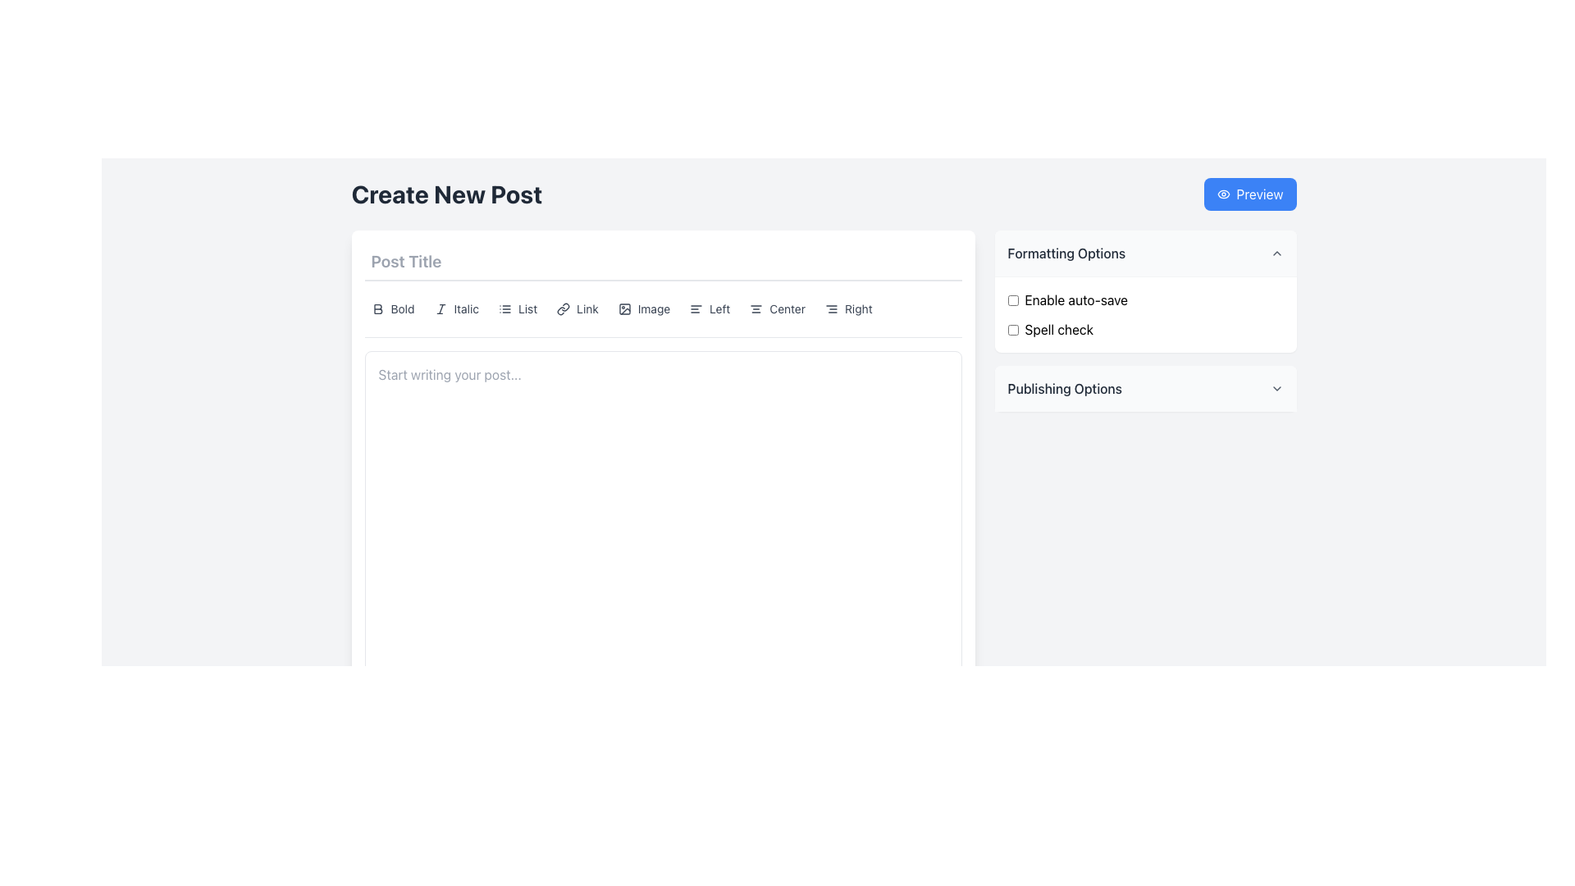 This screenshot has height=886, width=1575. Describe the element at coordinates (1011, 300) in the screenshot. I see `the checkbox input that enables or disables the auto-save feature, located to the left of the 'Enable auto-save' label in the 'Formatting Options' section` at that location.